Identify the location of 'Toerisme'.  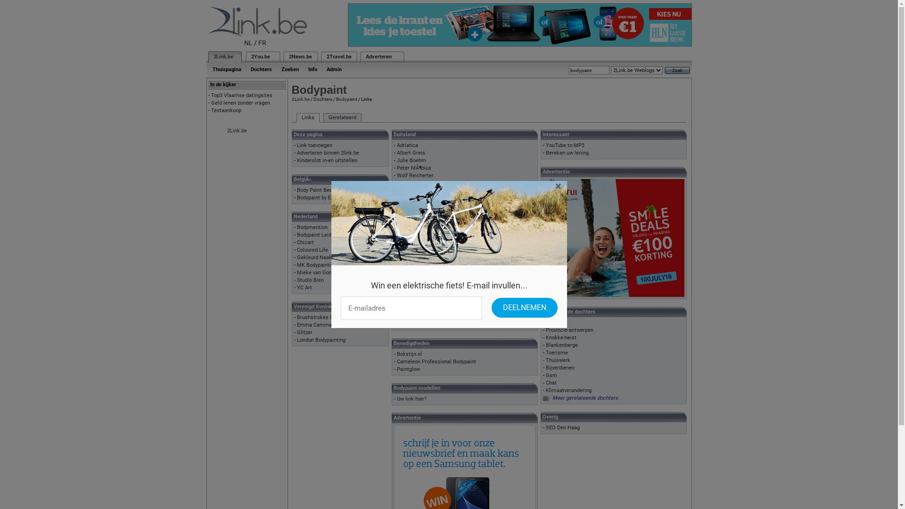
(557, 353).